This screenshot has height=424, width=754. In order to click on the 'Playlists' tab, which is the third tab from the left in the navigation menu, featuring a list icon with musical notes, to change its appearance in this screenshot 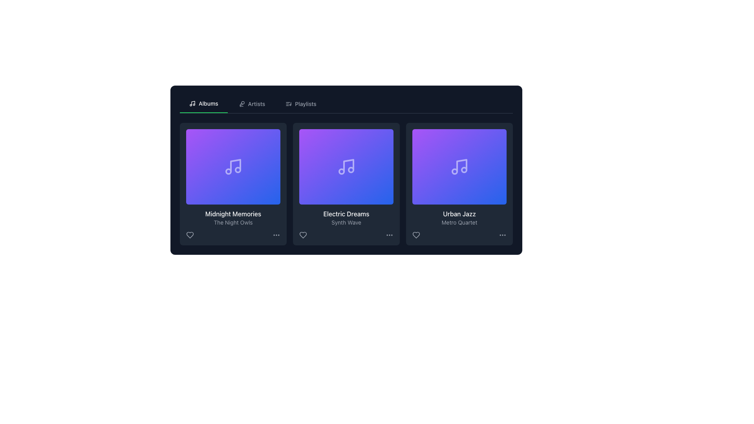, I will do `click(300, 104)`.